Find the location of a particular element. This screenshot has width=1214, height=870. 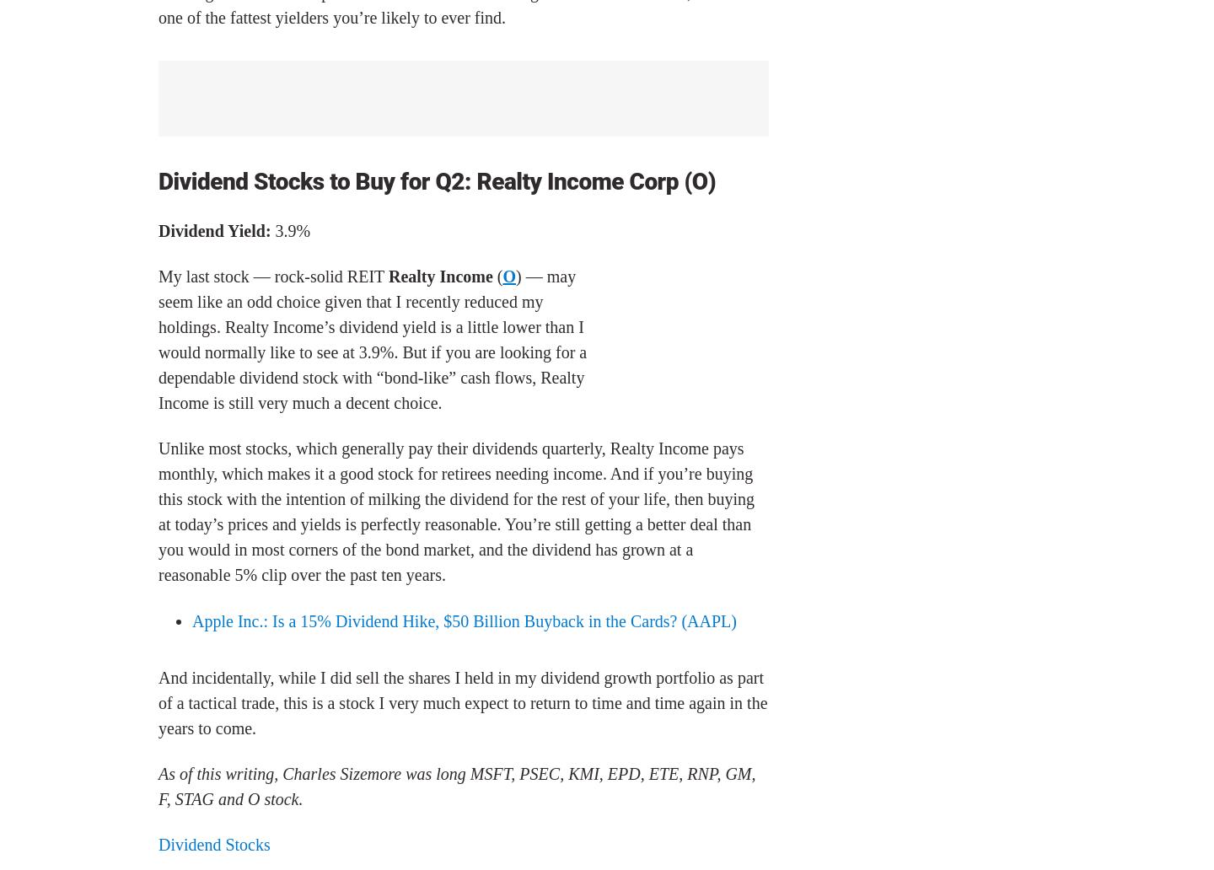

'3.9%' is located at coordinates (290, 229).